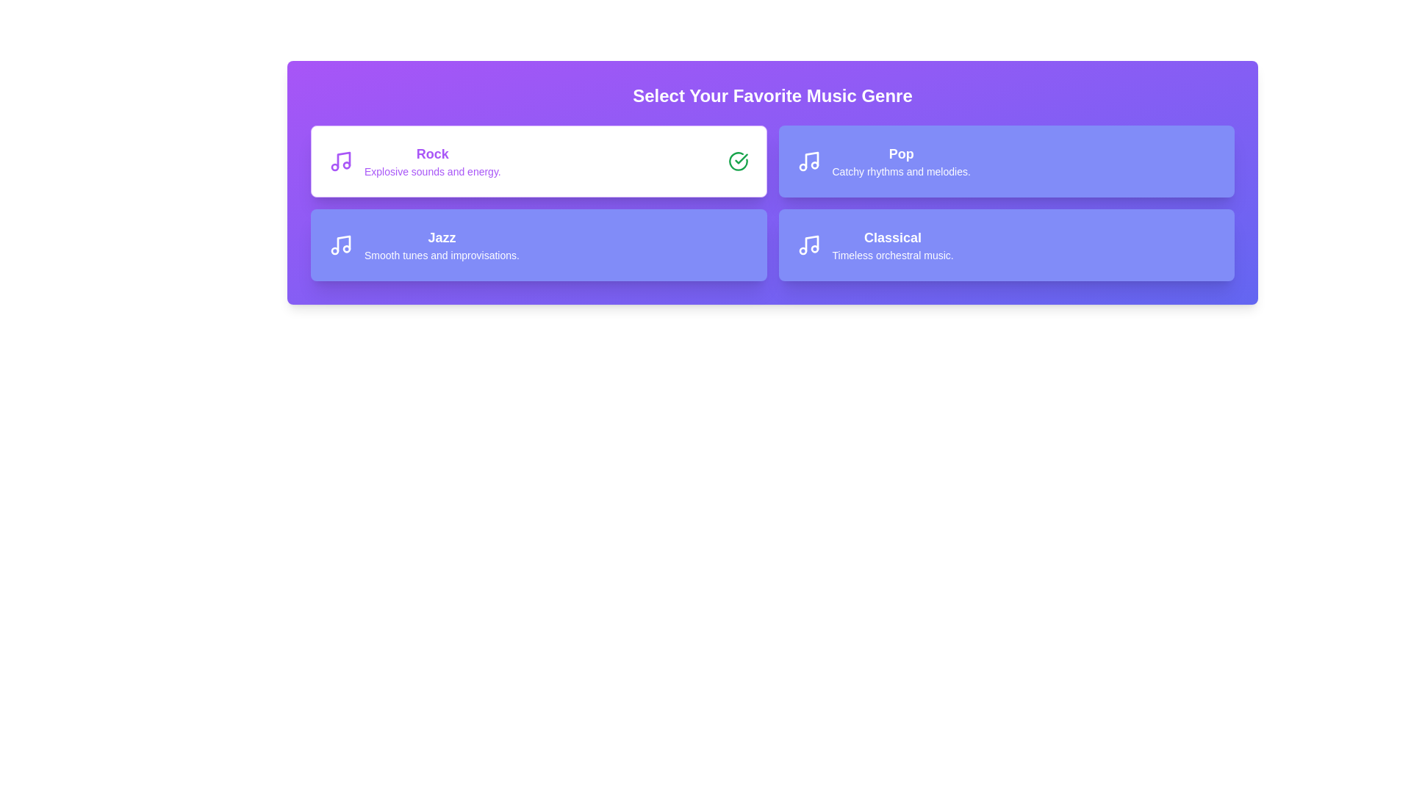  Describe the element at coordinates (431, 153) in the screenshot. I see `the text label indicating the music genre 'Rock', which serves as the title of a selectable item in the interface` at that location.